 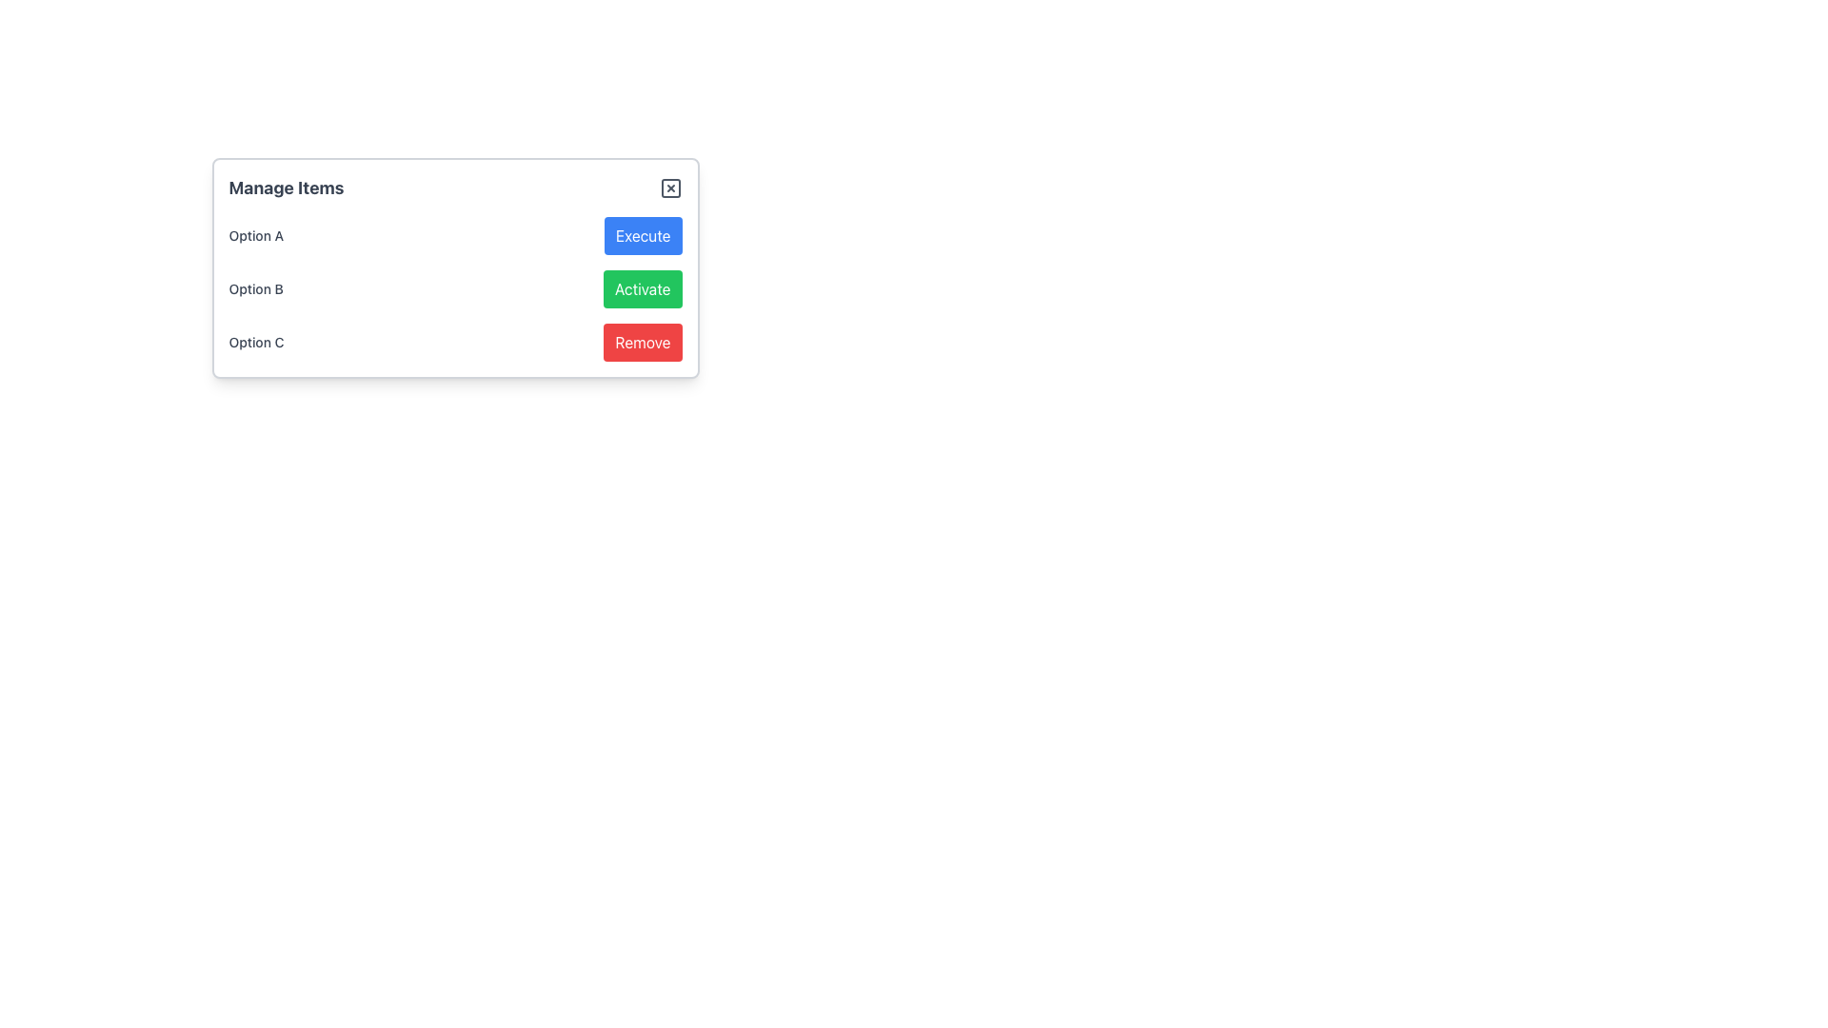 I want to click on the text label displaying 'Option B' which is the second option in the 'Manage Items' panel, located to the left of the 'Activate' button, so click(x=255, y=289).